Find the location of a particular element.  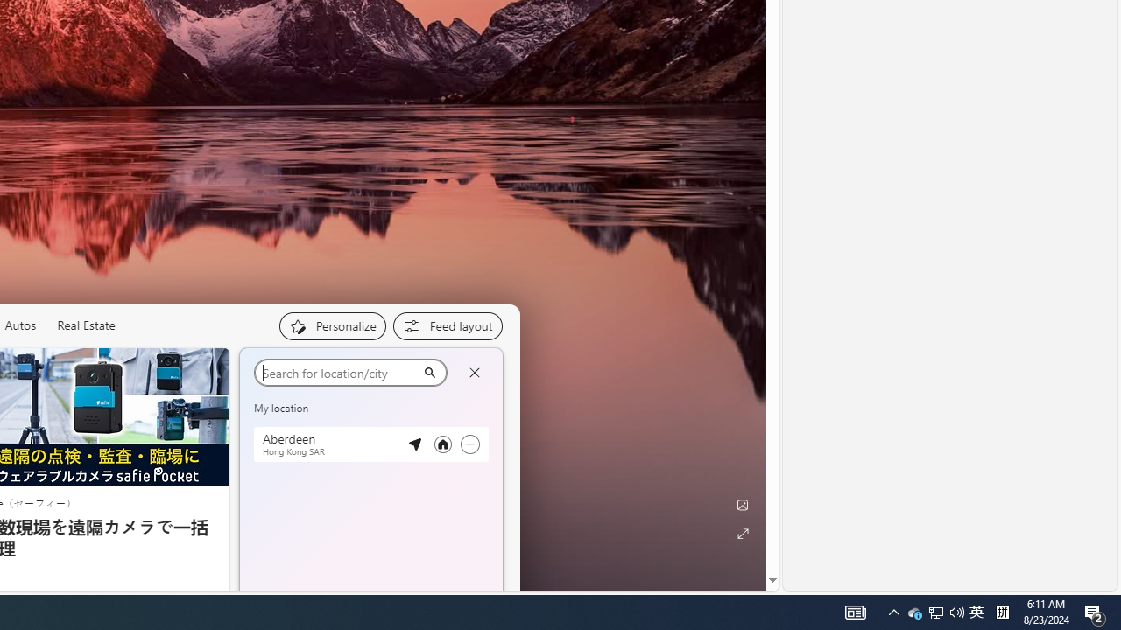

'Detected location' is located at coordinates (413, 443).